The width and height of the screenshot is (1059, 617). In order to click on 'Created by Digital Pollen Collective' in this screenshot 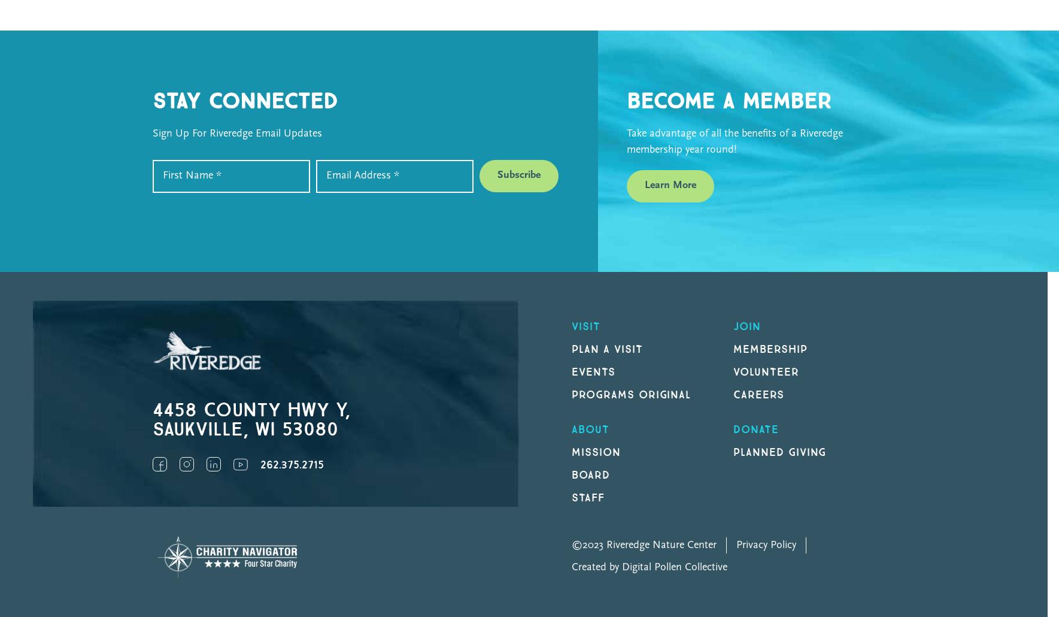, I will do `click(648, 566)`.